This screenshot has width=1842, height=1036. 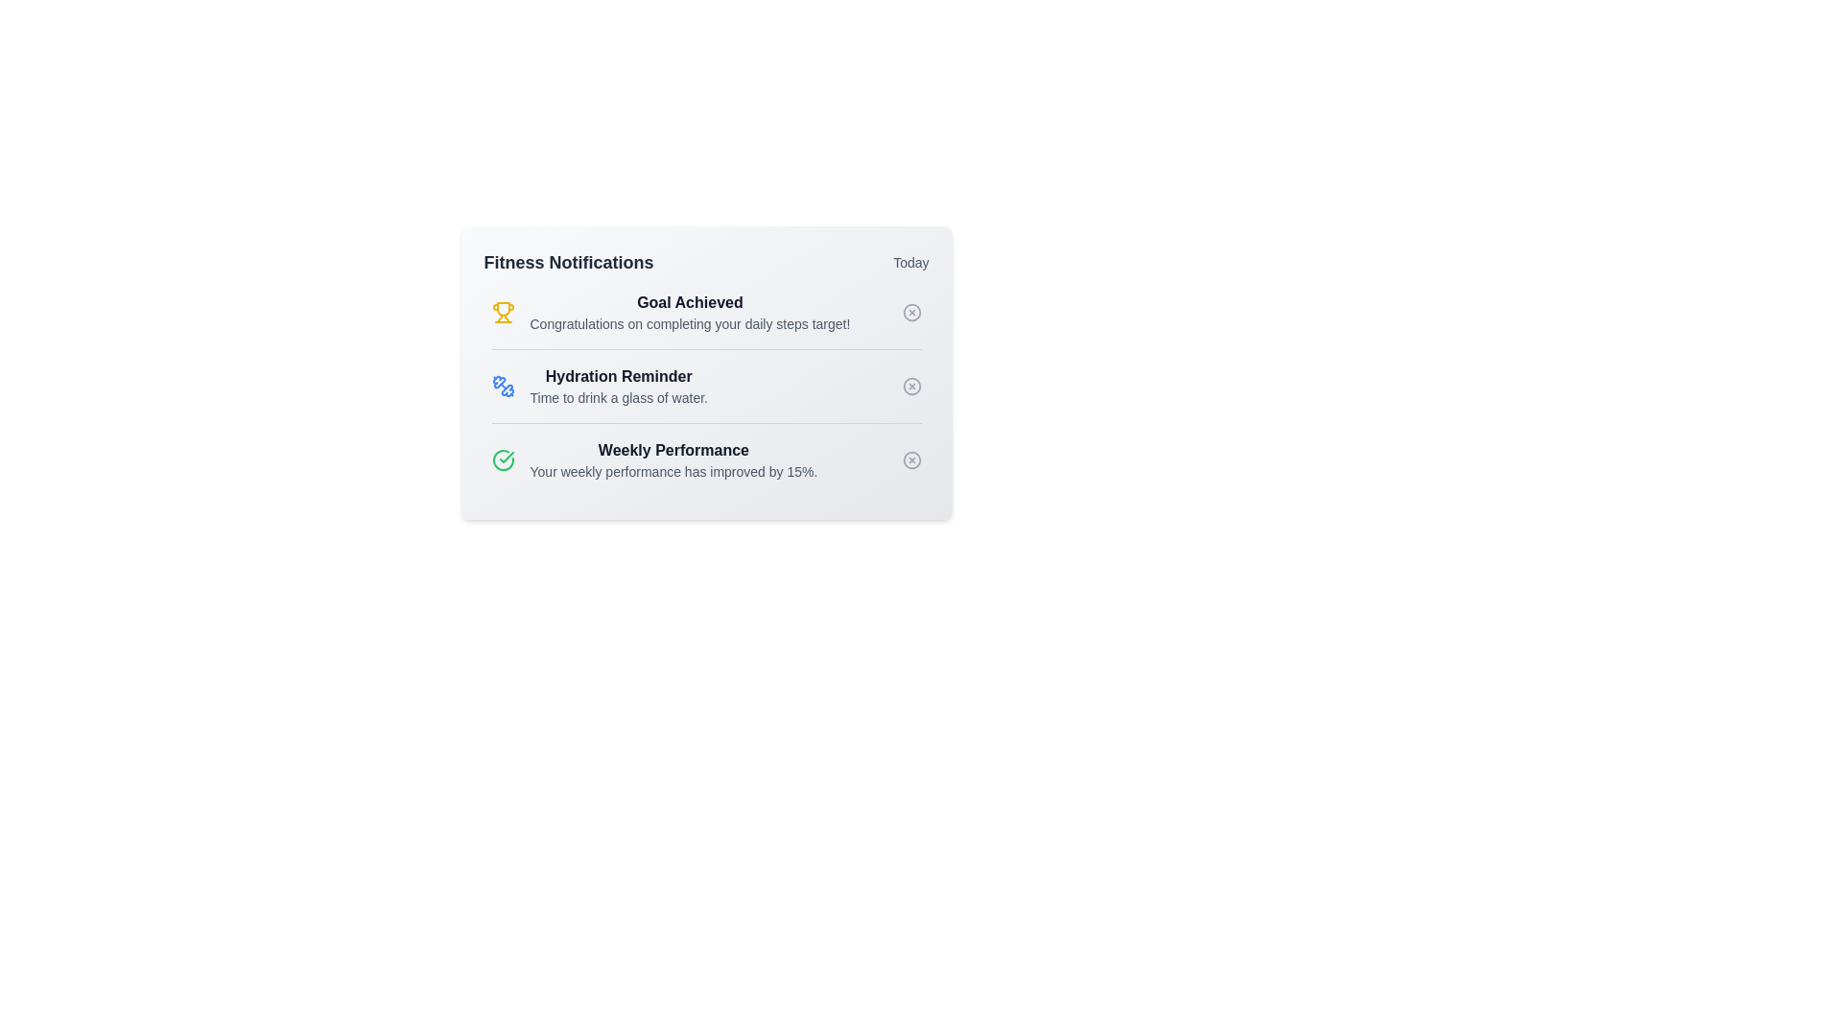 I want to click on the 'Goal Achieved' notification title text label in the notification panel, which indicates the user's successful completion of their daily steps target, so click(x=690, y=302).